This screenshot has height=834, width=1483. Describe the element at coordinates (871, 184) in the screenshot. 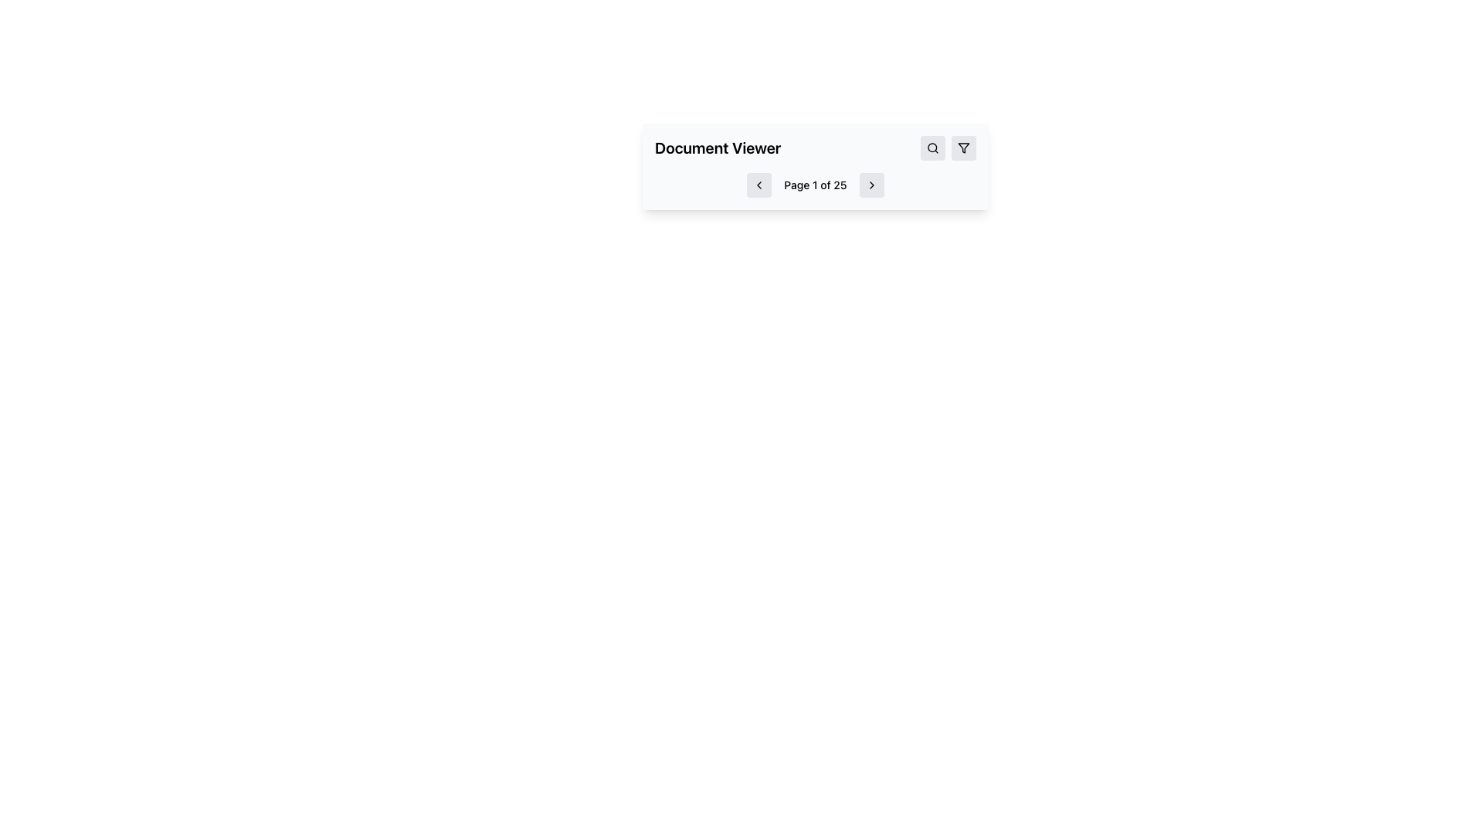

I see `the navigation button icon that advances to the next page in the document viewer` at that location.